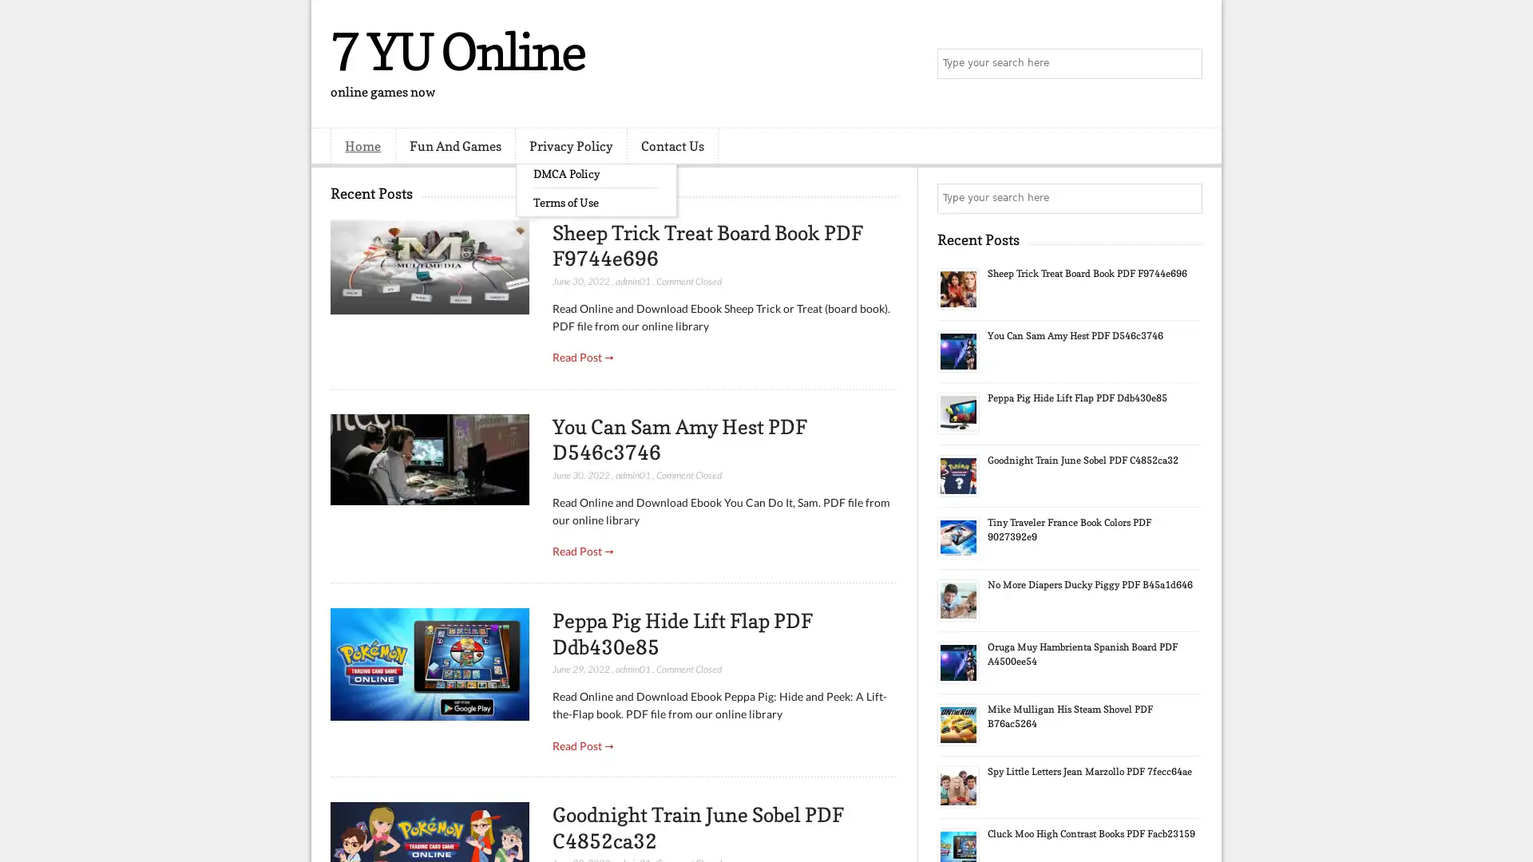 This screenshot has width=1533, height=862. I want to click on Search, so click(1186, 64).